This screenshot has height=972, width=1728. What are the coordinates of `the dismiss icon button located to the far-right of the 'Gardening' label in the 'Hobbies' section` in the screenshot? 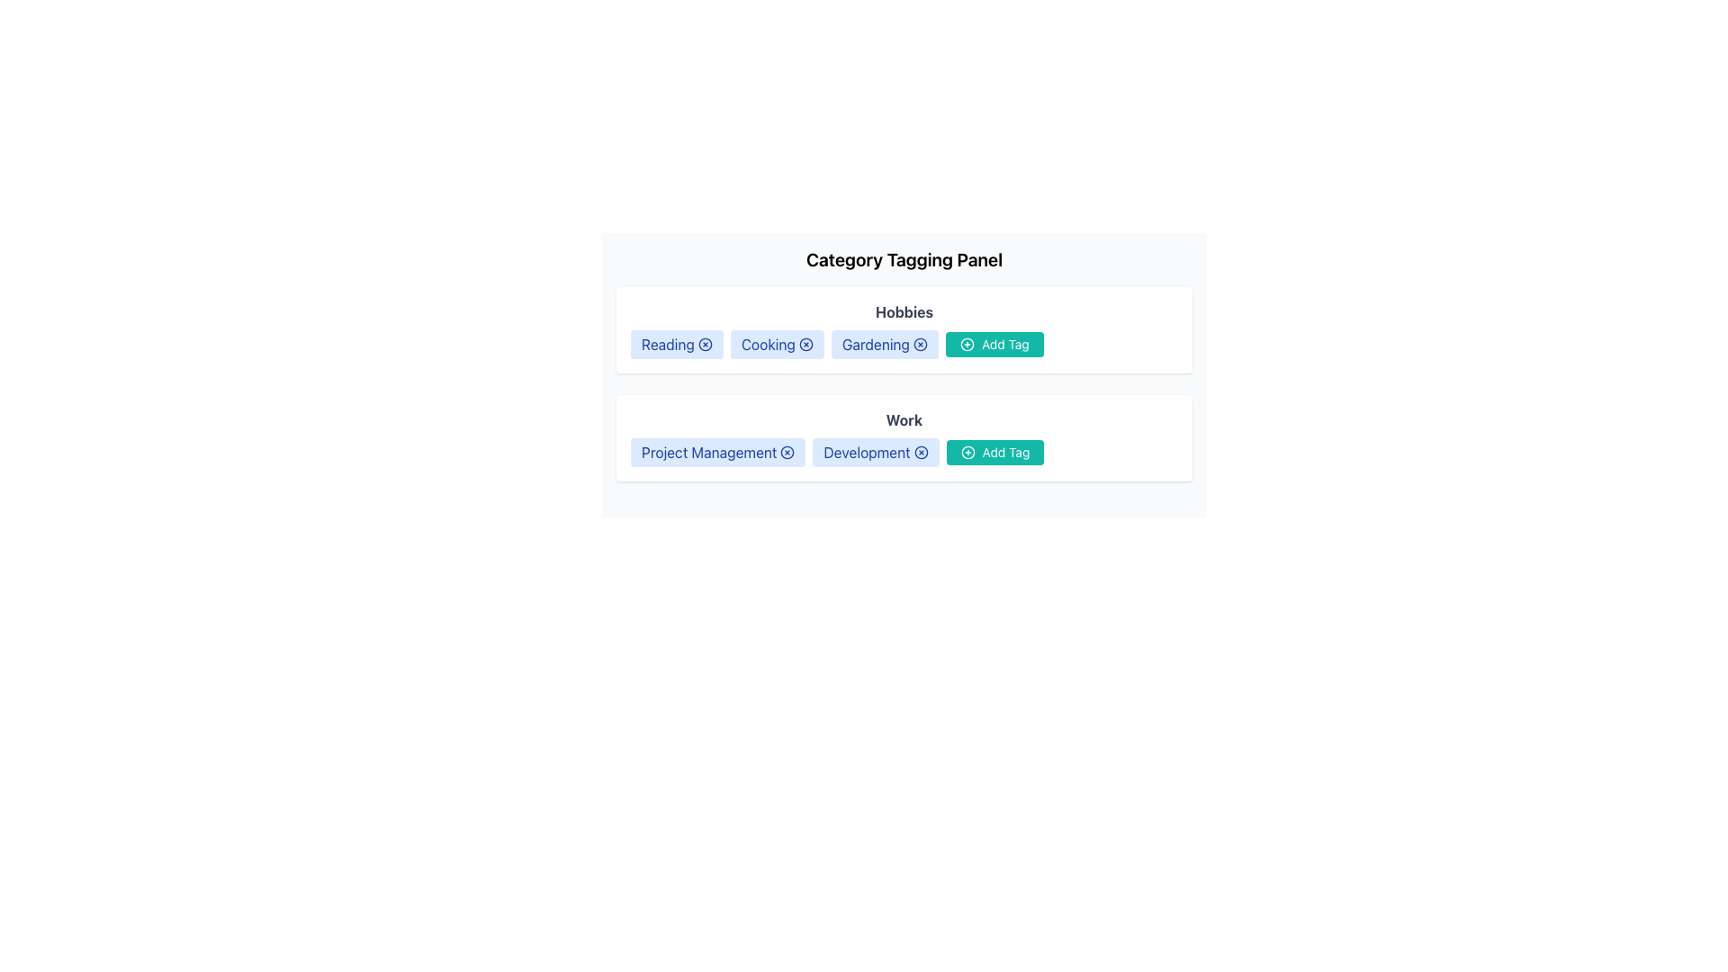 It's located at (920, 344).